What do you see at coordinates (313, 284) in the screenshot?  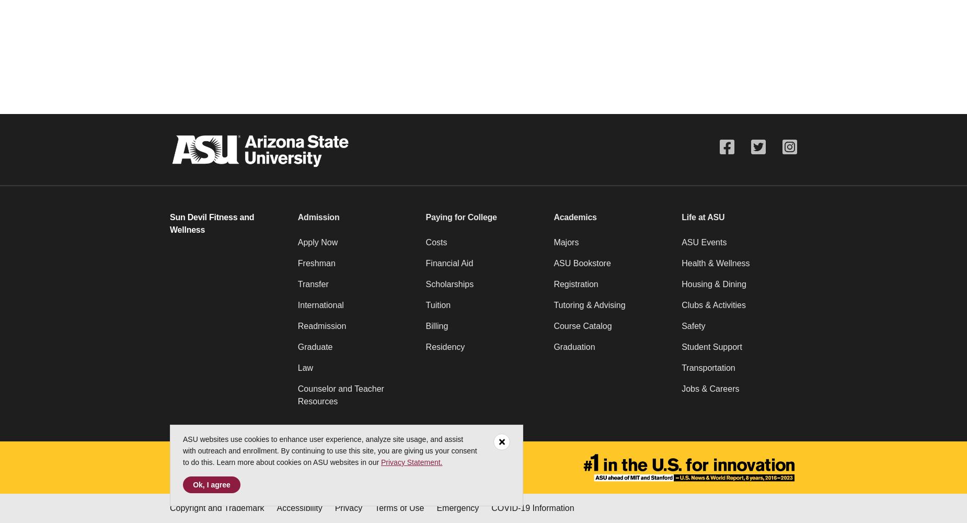 I see `'Transfer'` at bounding box center [313, 284].